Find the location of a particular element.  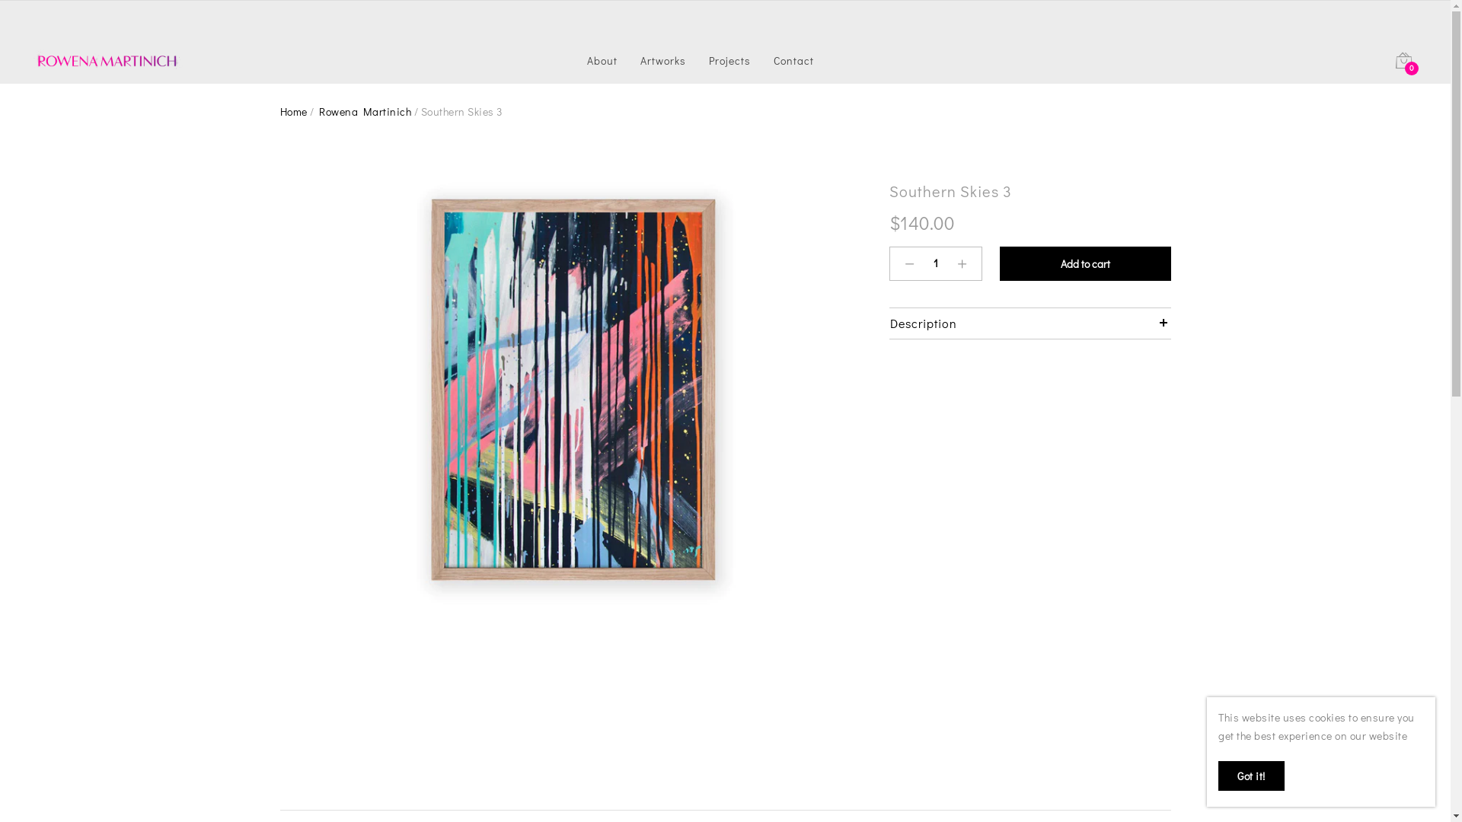

'Projects' is located at coordinates (729, 60).